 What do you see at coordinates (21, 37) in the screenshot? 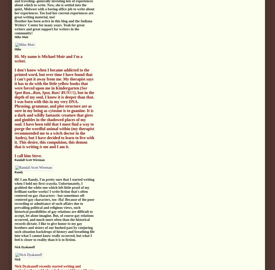
I see `'Mike Moir'` at bounding box center [21, 37].